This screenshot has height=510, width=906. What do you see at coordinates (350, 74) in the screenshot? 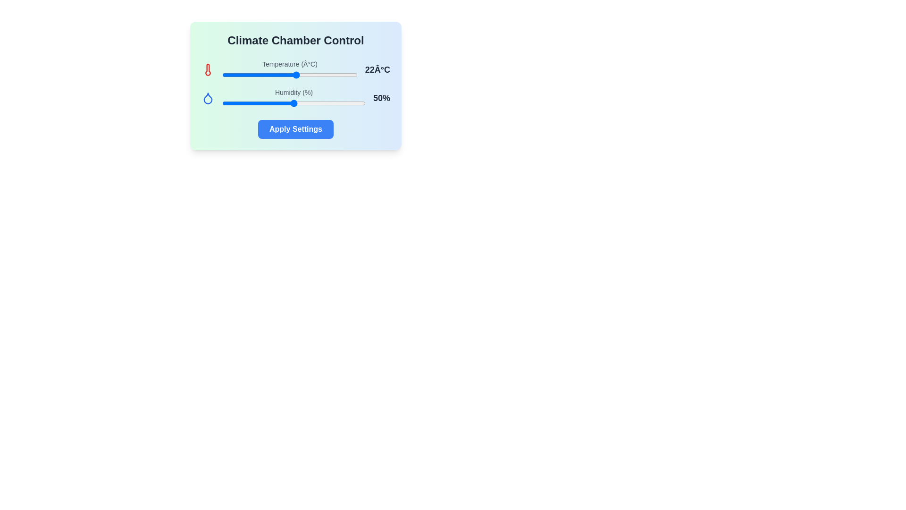
I see `the temperature slider to 38 degrees Celsius` at bounding box center [350, 74].